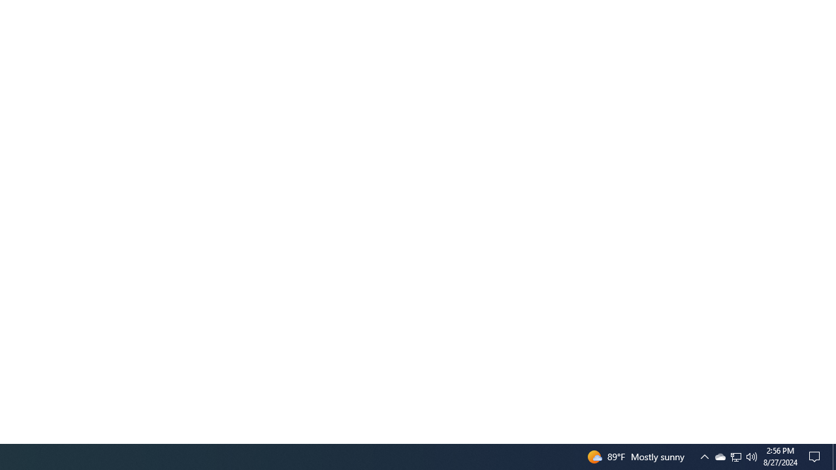  I want to click on 'User Promoted Notification Area', so click(736, 456).